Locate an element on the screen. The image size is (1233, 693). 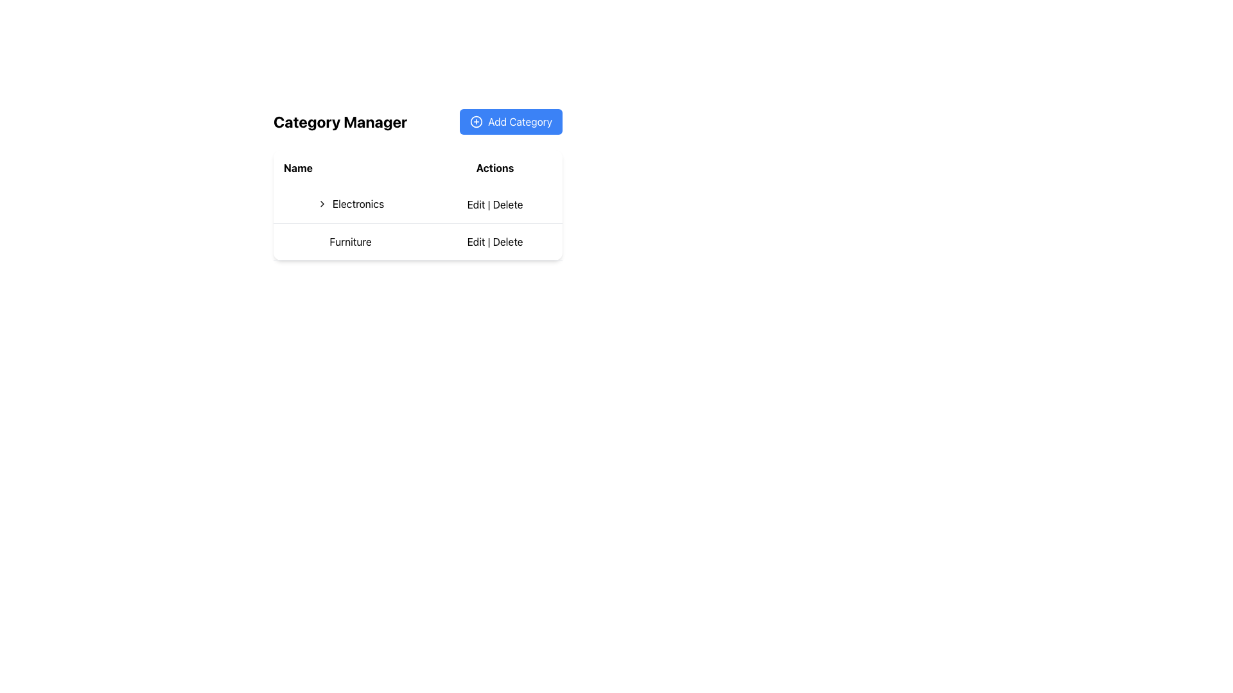
the clickable text label for the 'Furniture' category in the second row of the table is located at coordinates (351, 242).